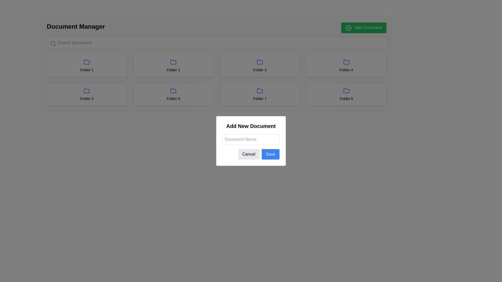  Describe the element at coordinates (248, 154) in the screenshot. I see `the 'Cancel' button, which is a rectangular button with a light gray background and the text 'Cancel' in bold, located at the bottom-right of a pop-up modal` at that location.